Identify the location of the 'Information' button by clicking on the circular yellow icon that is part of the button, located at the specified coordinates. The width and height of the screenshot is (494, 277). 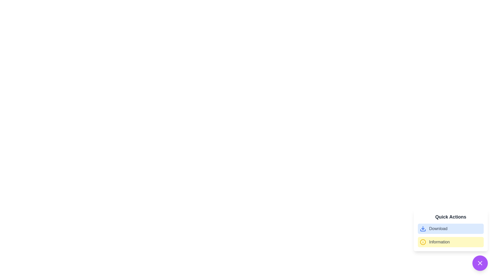
(423, 242).